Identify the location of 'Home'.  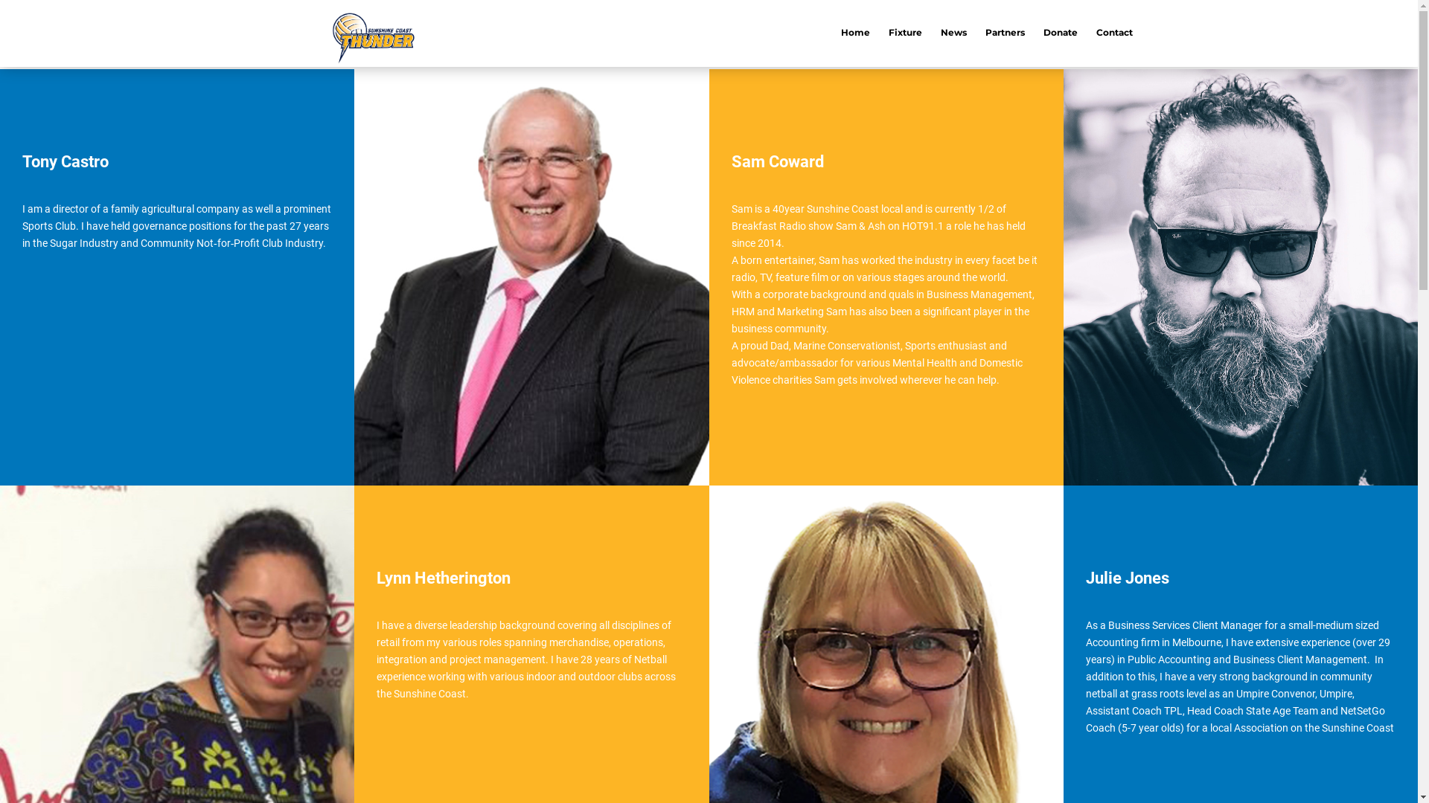
(855, 33).